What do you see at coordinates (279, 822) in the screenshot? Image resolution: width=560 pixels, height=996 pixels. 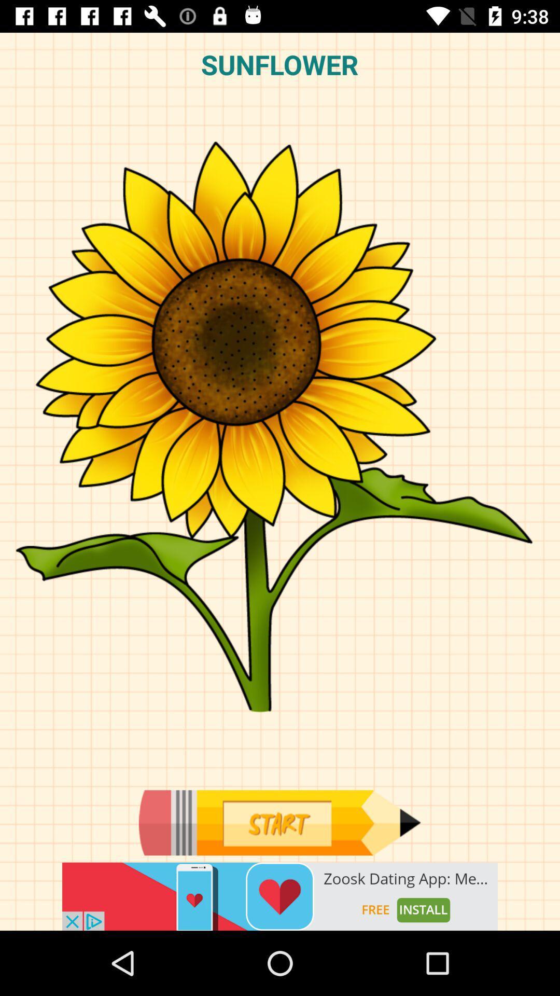 I see `start` at bounding box center [279, 822].